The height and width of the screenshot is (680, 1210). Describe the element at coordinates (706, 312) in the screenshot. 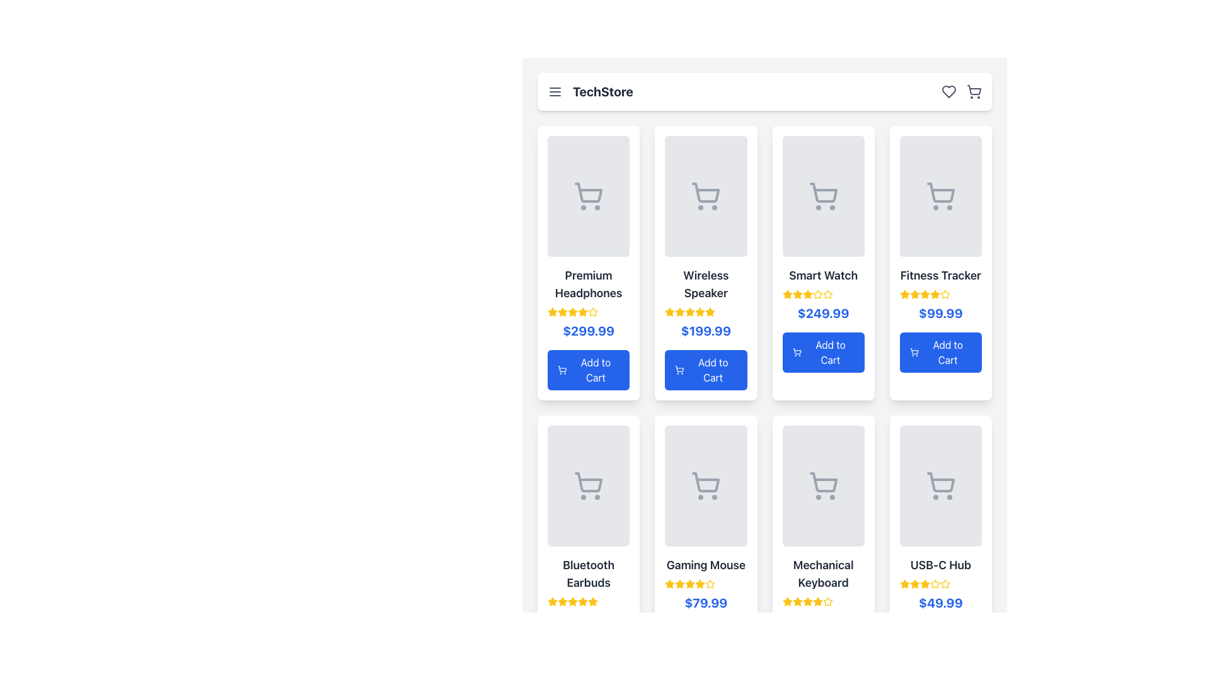

I see `the row of yellow star icons indicating a 3.5-star rating for the 'Wireless Speaker', positioned beneath the title and above the price` at that location.